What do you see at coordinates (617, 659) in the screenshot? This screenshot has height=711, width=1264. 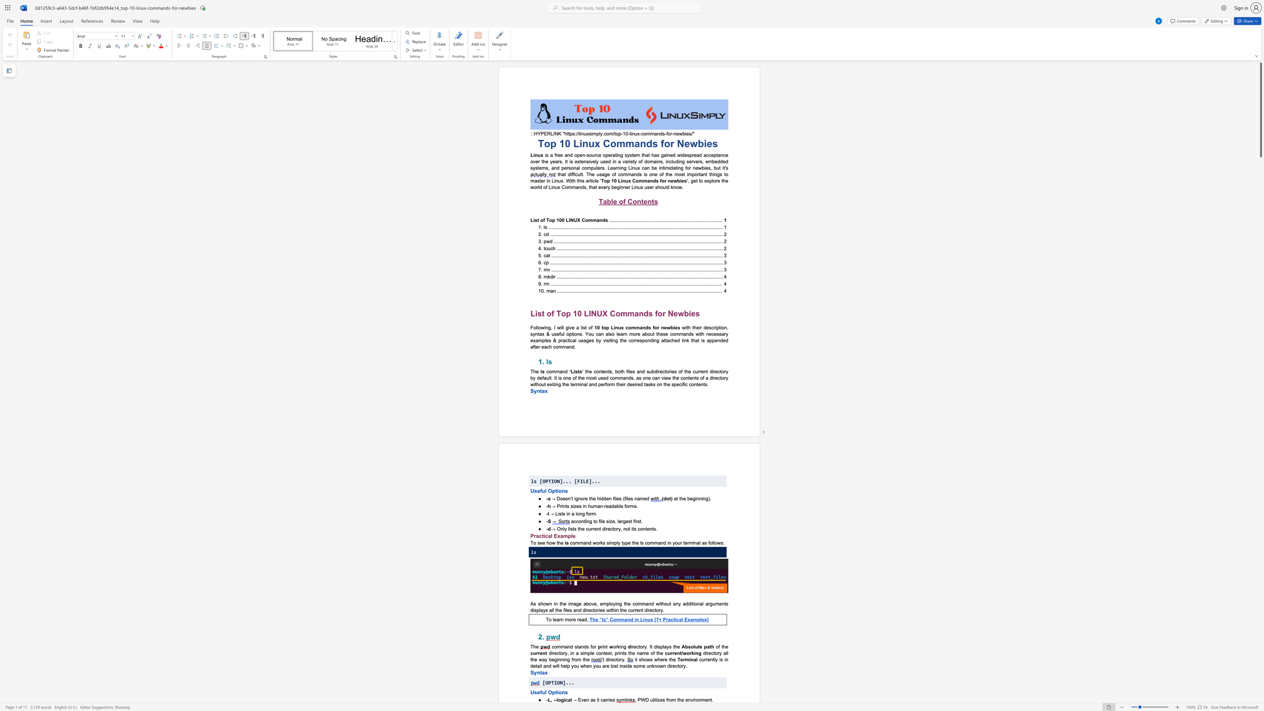 I see `the subset text "ory." within the text "/) directory."` at bounding box center [617, 659].